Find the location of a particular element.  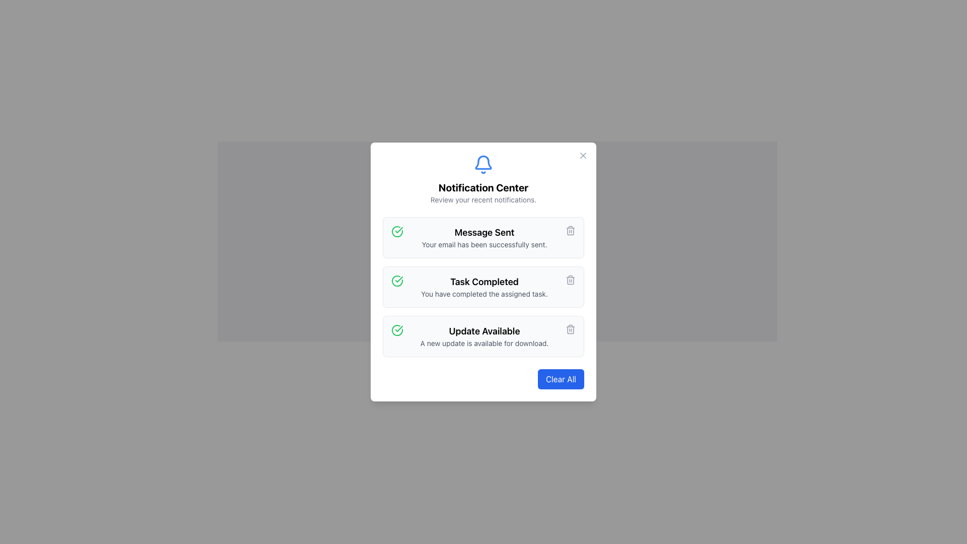

the text content that provides a brief description about reviewing recent notifications, located in the header area of the notification center modal is located at coordinates (483, 200).